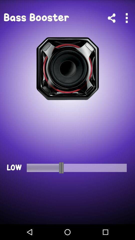 Image resolution: width=135 pixels, height=240 pixels. What do you see at coordinates (111, 18) in the screenshot?
I see `share to others` at bounding box center [111, 18].